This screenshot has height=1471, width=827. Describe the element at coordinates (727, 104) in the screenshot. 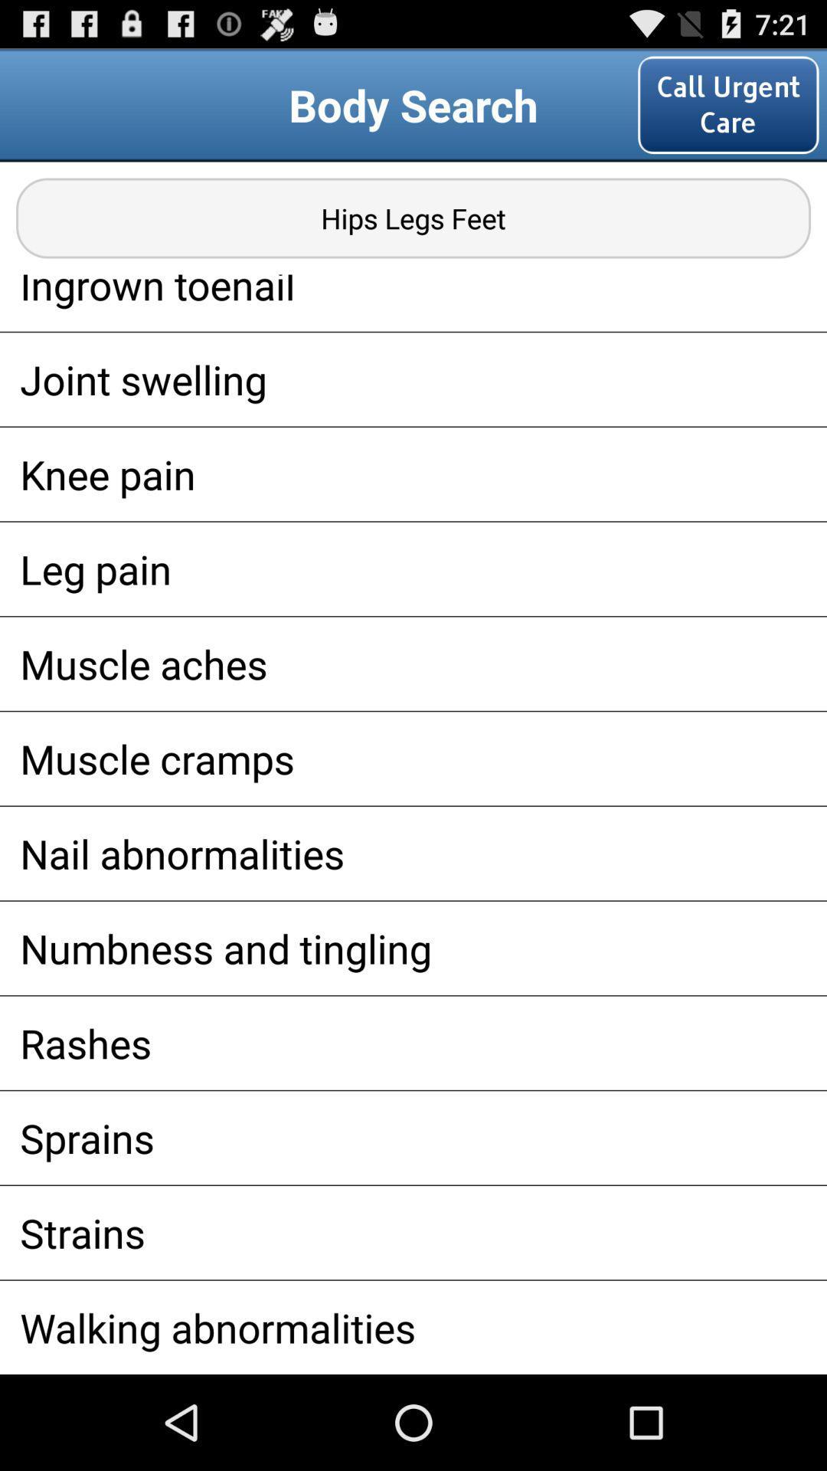

I see `item at the top right corner` at that location.